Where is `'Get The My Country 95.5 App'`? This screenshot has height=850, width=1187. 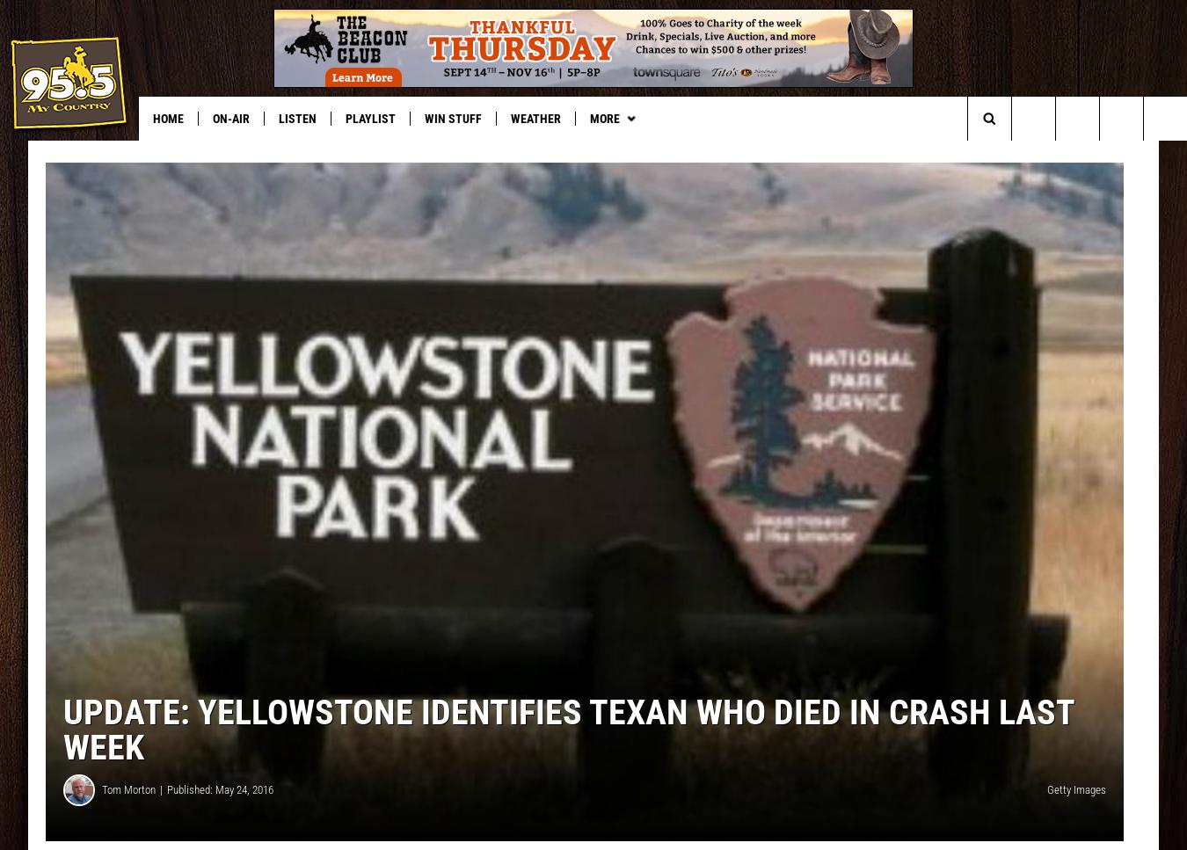 'Get The My Country 95.5 App' is located at coordinates (557, 154).